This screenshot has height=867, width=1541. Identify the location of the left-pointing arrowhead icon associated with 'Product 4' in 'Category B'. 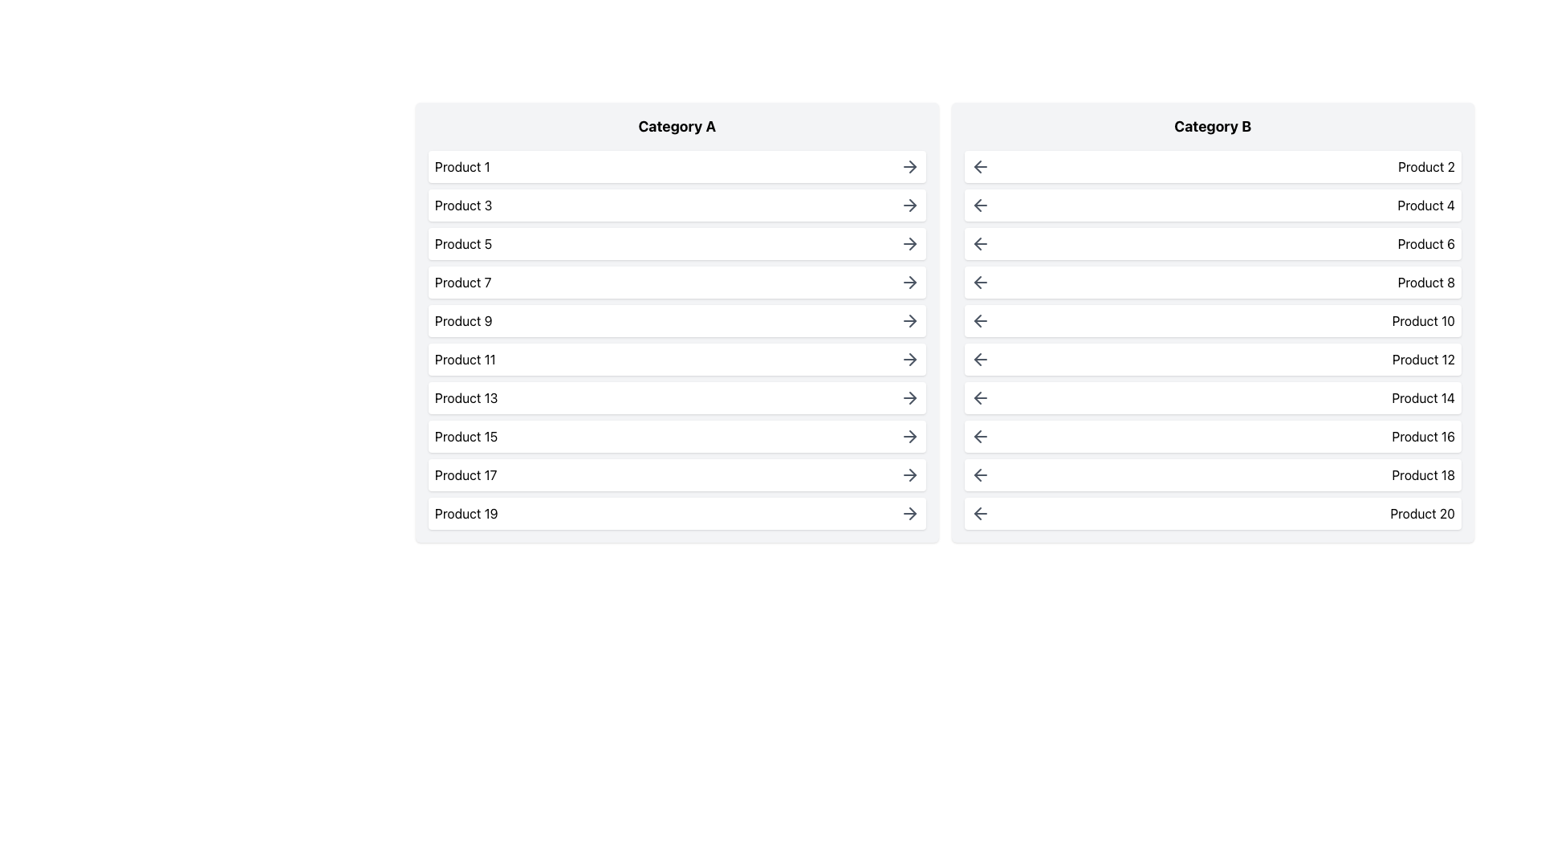
(977, 204).